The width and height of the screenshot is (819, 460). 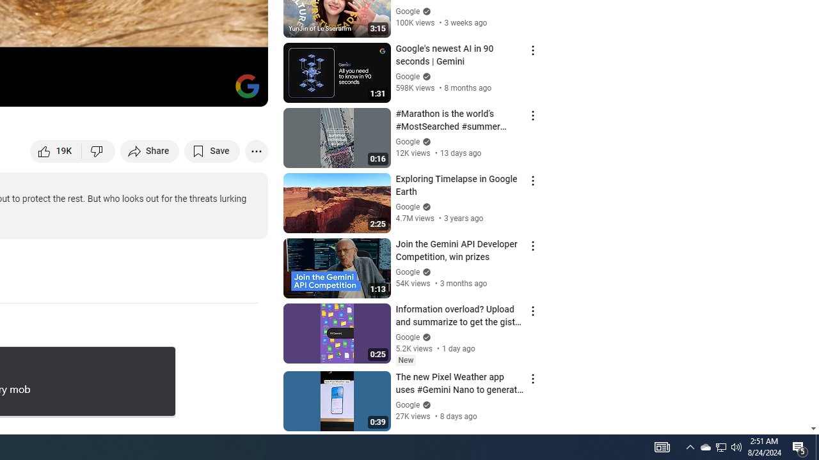 I want to click on 'Theater mode (t)', so click(x=214, y=90).